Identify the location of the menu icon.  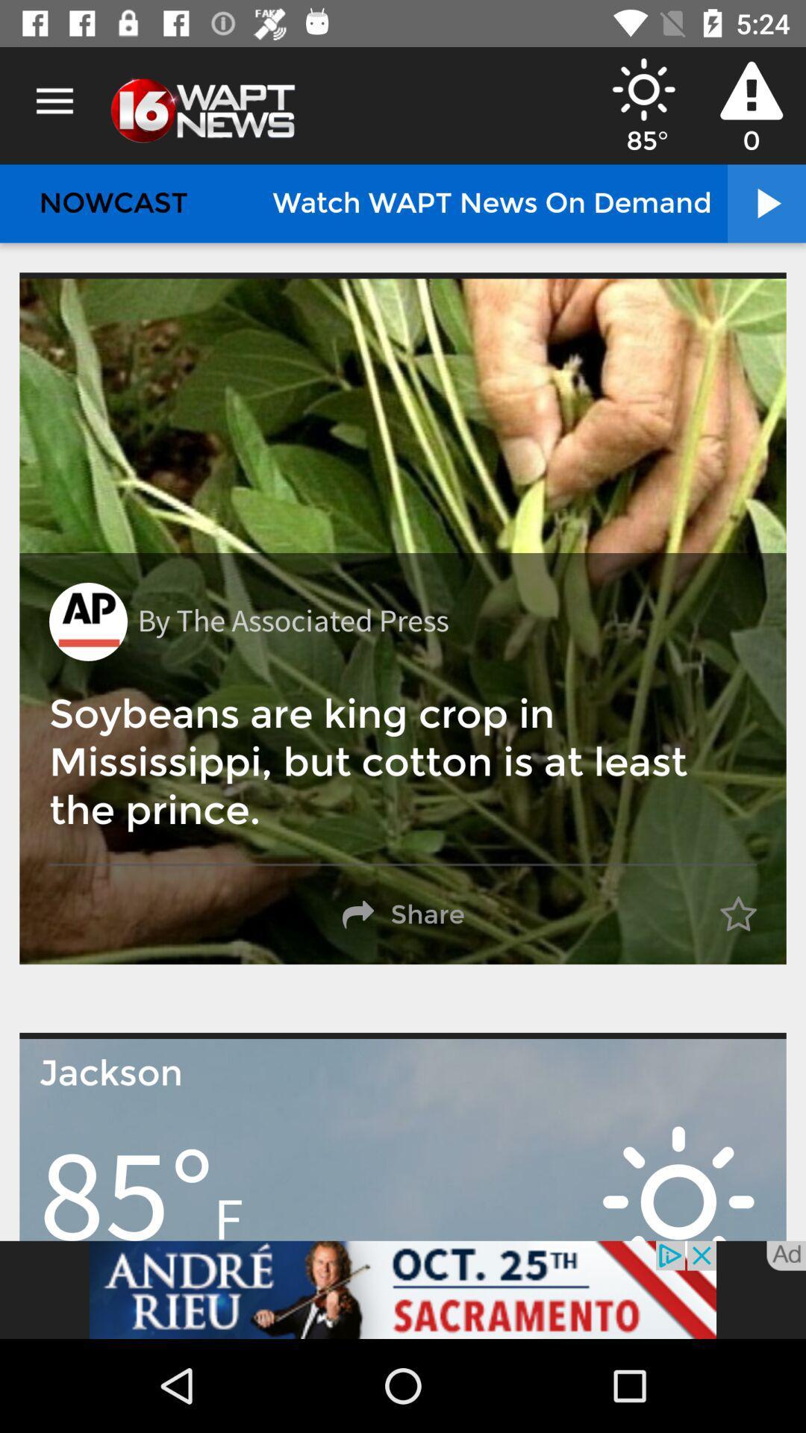
(54, 101).